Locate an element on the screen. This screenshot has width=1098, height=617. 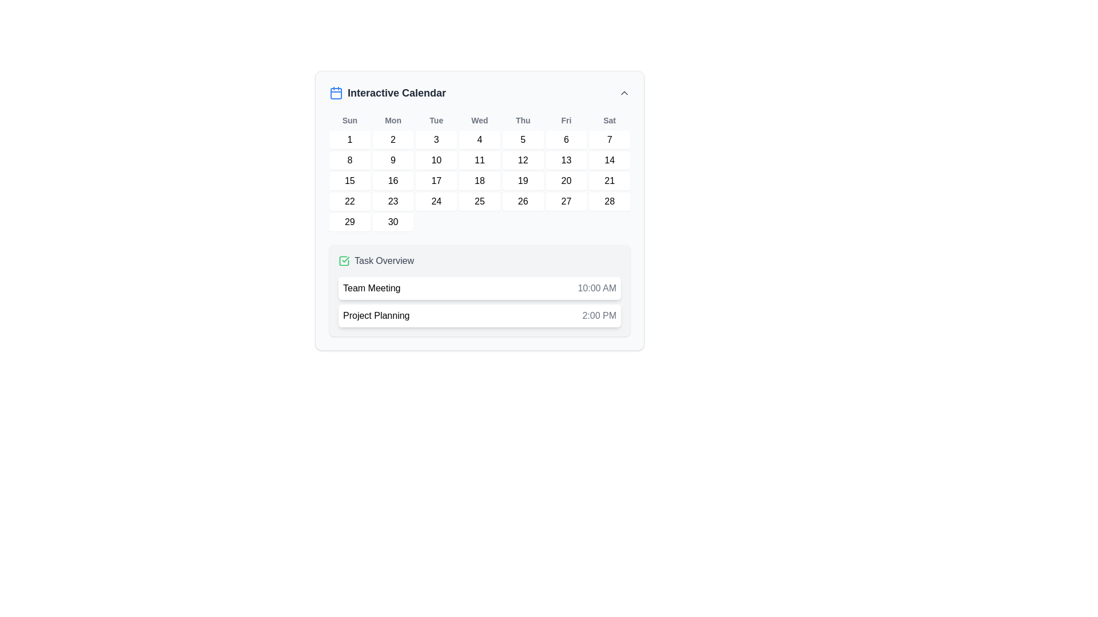
the button representing the fifth day (Thursday) is located at coordinates (522, 139).